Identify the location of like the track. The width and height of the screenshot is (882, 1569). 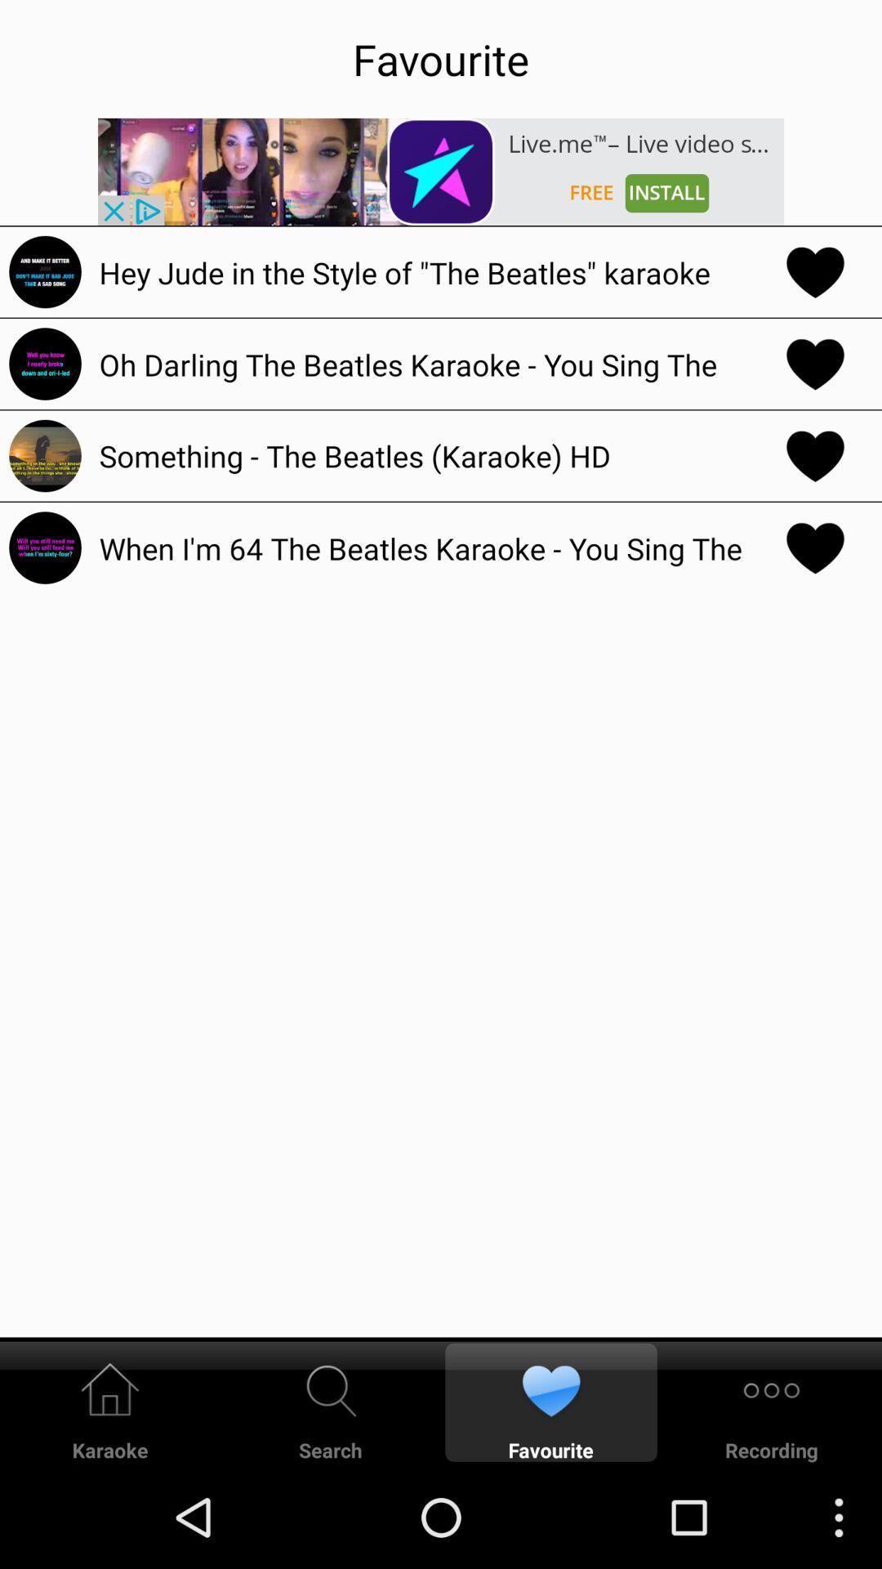
(815, 548).